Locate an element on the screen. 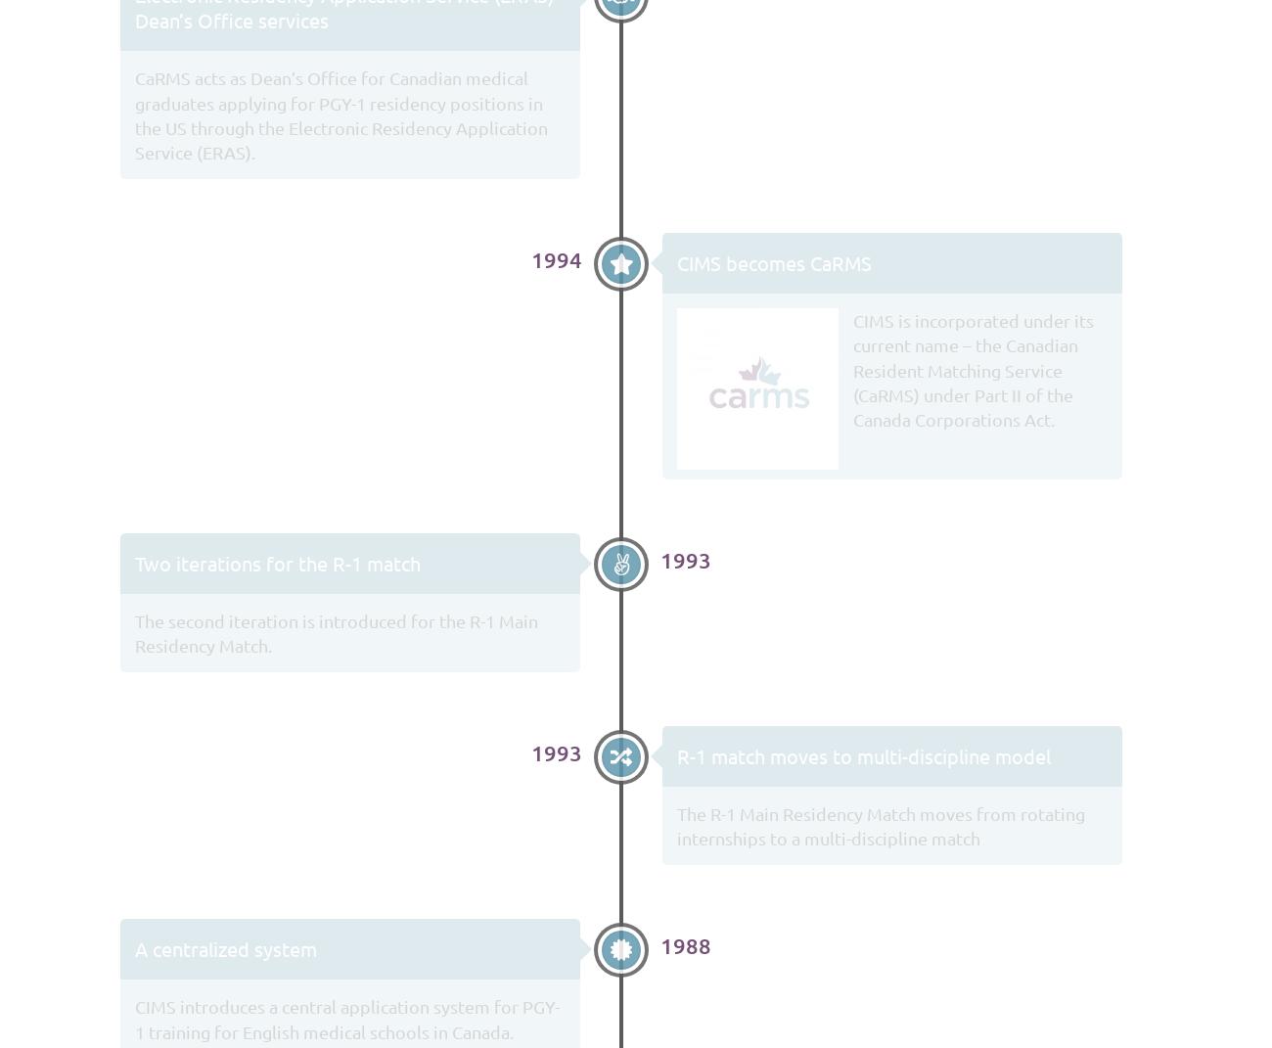 The width and height of the screenshot is (1272, 1048). 'CIMS is incorporated under its current name – the Canadian Resident Matching Service (CaRMS) under Part II of the Canada Corporations Act.' is located at coordinates (971, 368).